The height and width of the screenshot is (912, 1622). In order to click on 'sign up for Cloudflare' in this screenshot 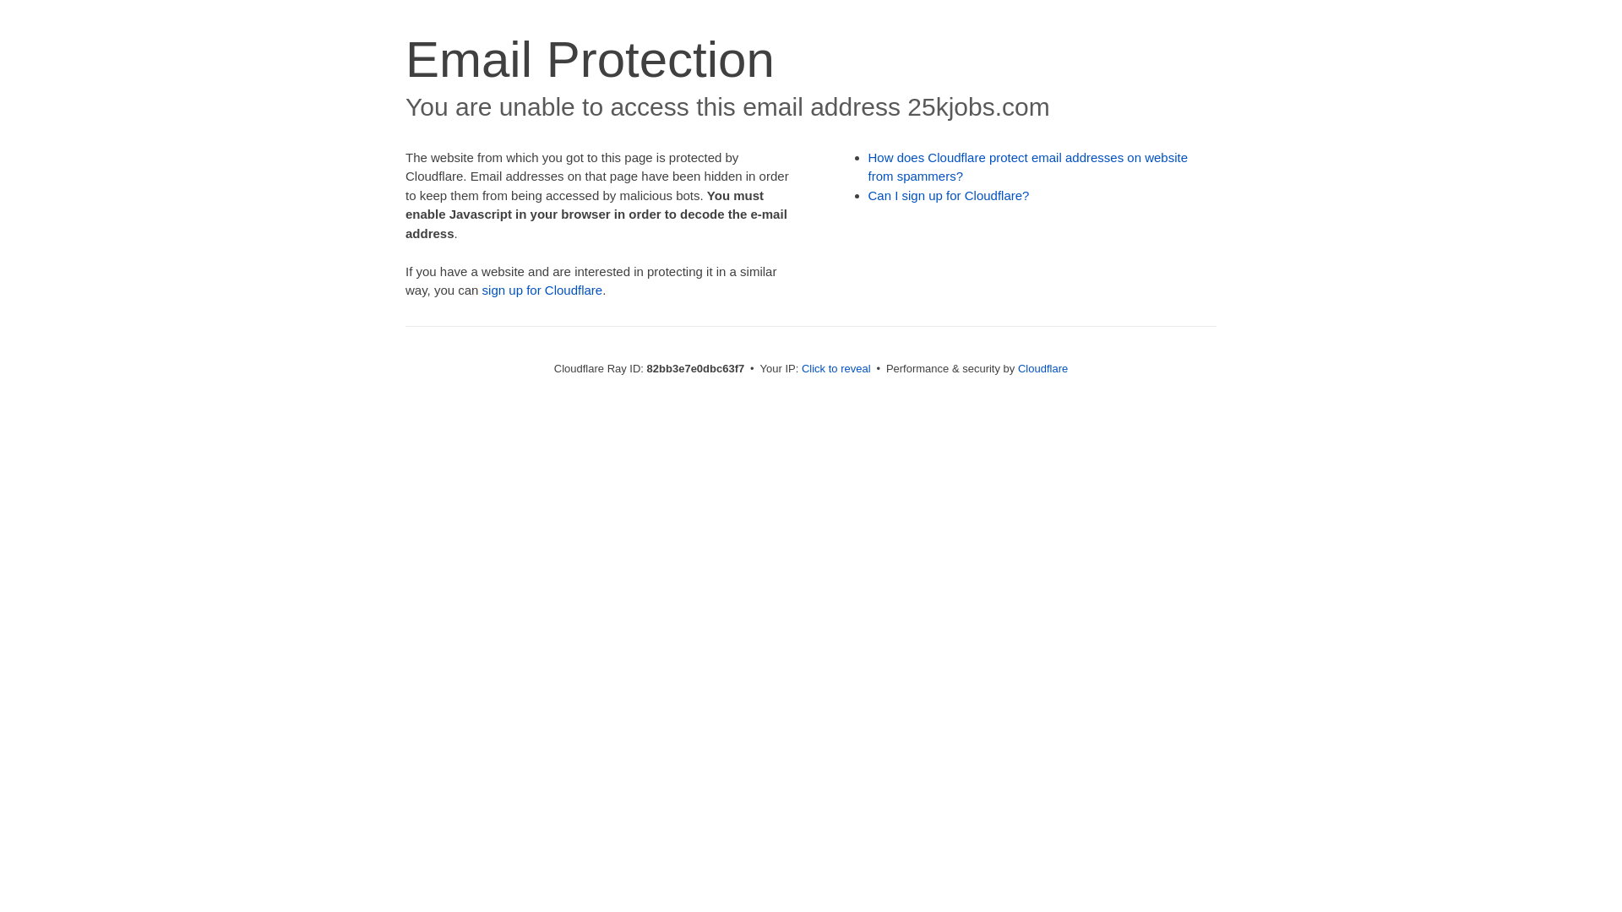, I will do `click(542, 289)`.